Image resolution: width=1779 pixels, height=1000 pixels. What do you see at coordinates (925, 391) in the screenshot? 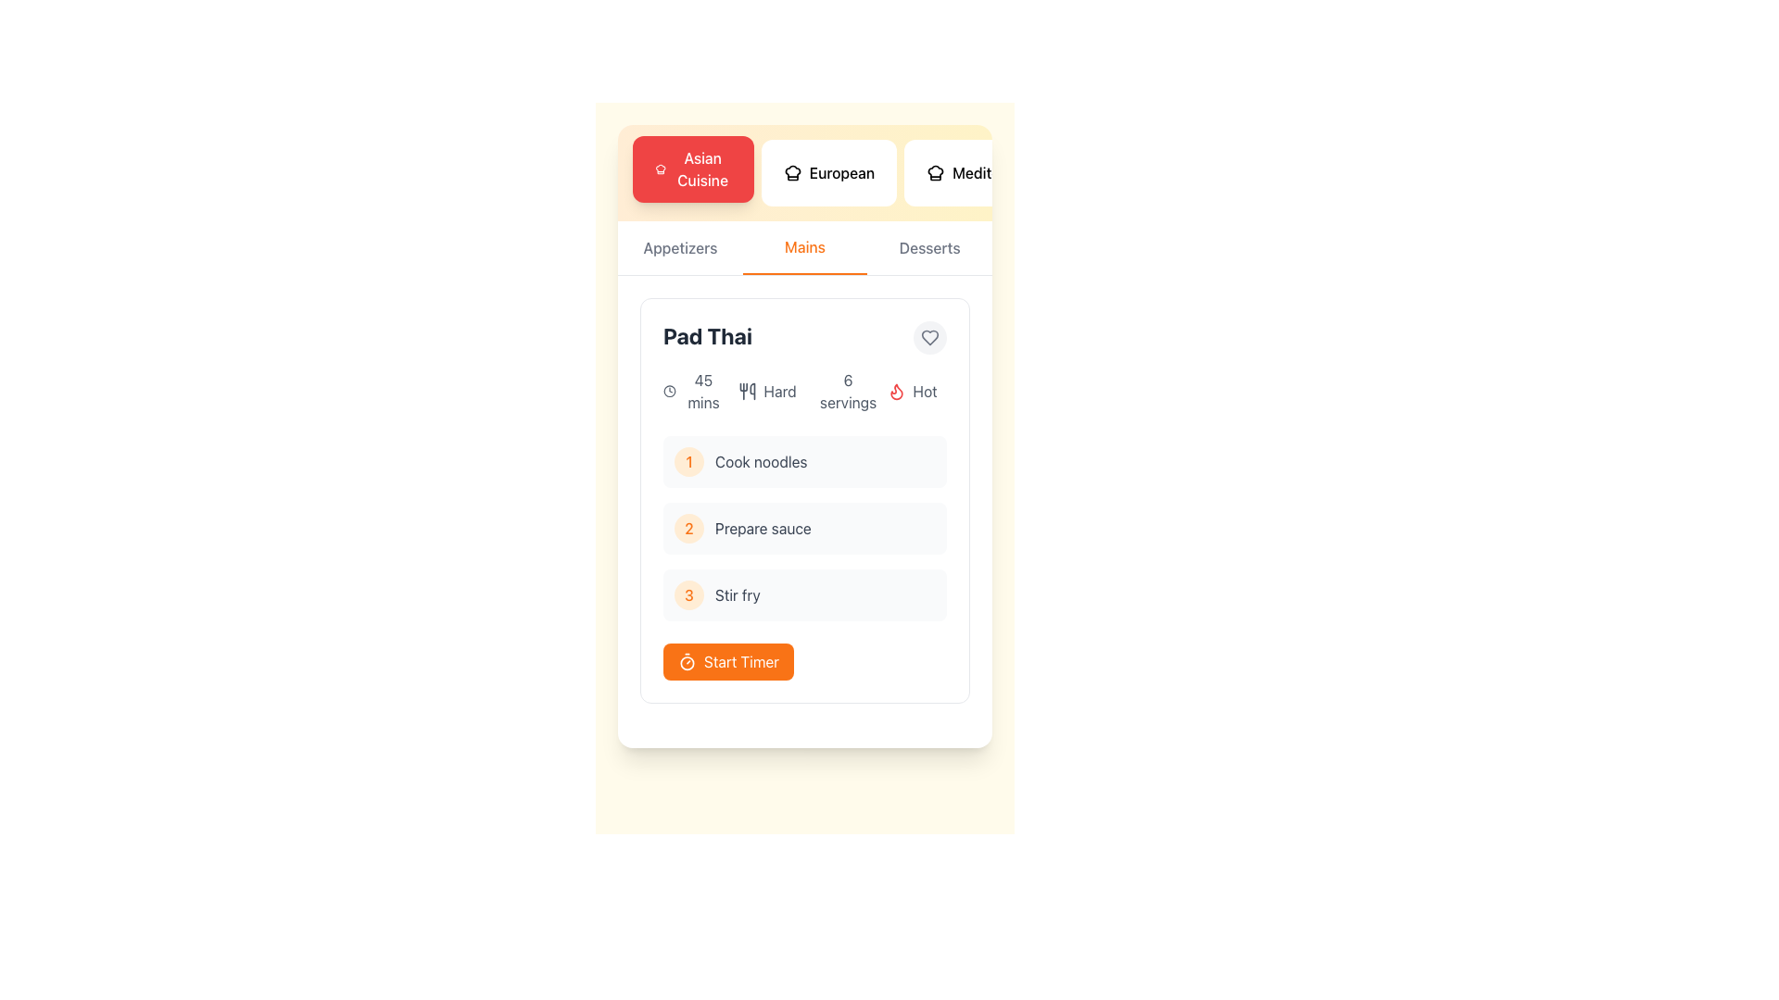
I see `the text label containing 'hot', which is styled with a gray font and positioned to the right of a flame icon` at bounding box center [925, 391].